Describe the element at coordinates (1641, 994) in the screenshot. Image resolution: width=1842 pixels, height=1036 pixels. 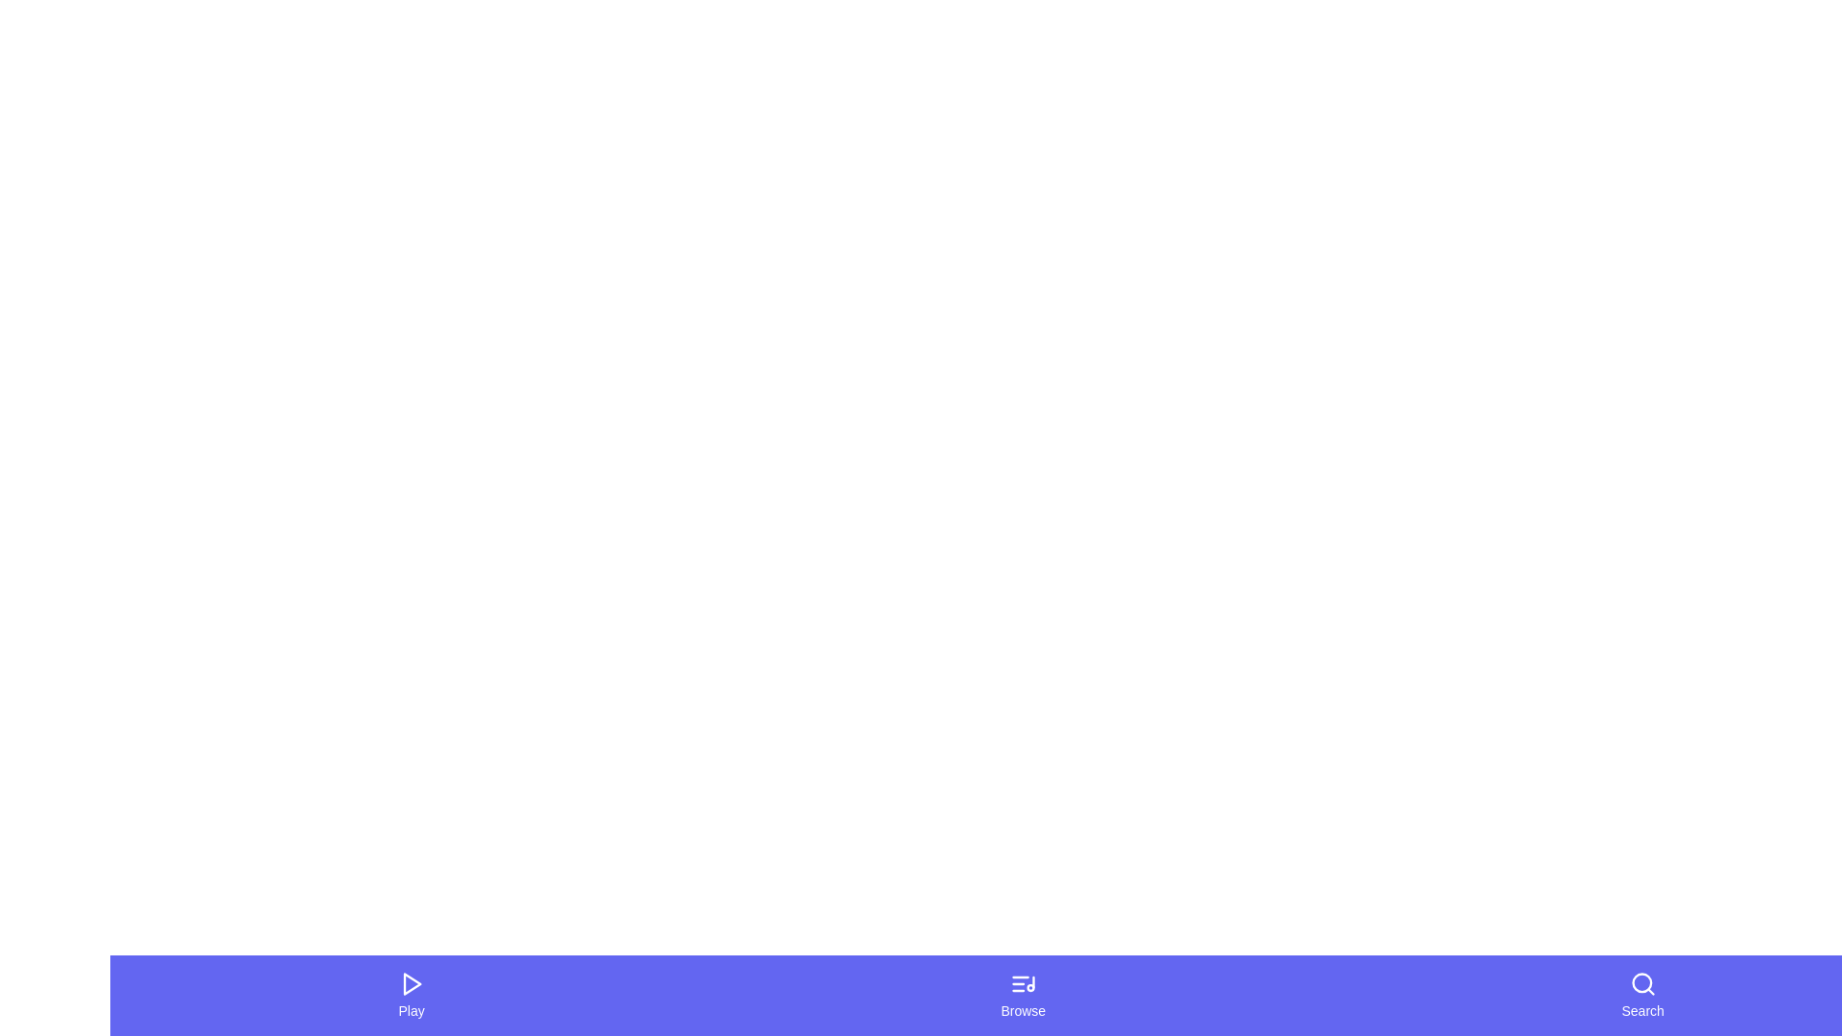
I see `the Search tab to activate it` at that location.